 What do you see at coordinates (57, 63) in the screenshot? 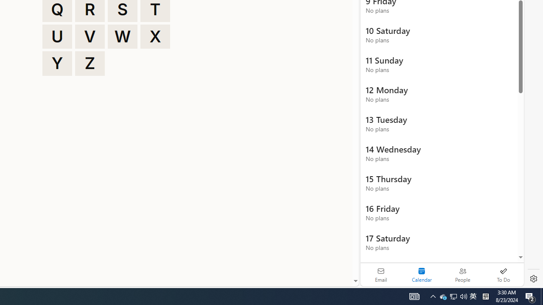
I see `'Y'` at bounding box center [57, 63].